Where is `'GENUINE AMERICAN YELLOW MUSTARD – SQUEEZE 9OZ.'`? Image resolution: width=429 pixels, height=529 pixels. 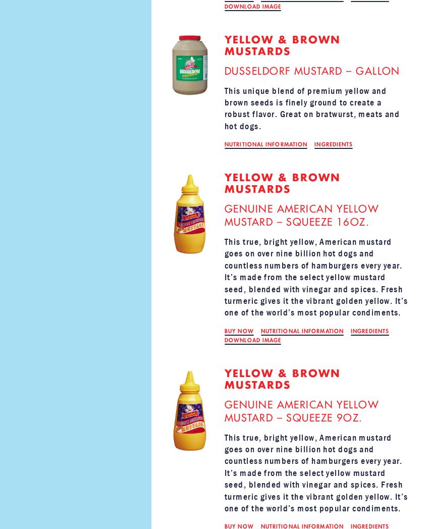 'GENUINE AMERICAN YELLOW MUSTARD – SQUEEZE 9OZ.' is located at coordinates (301, 410).